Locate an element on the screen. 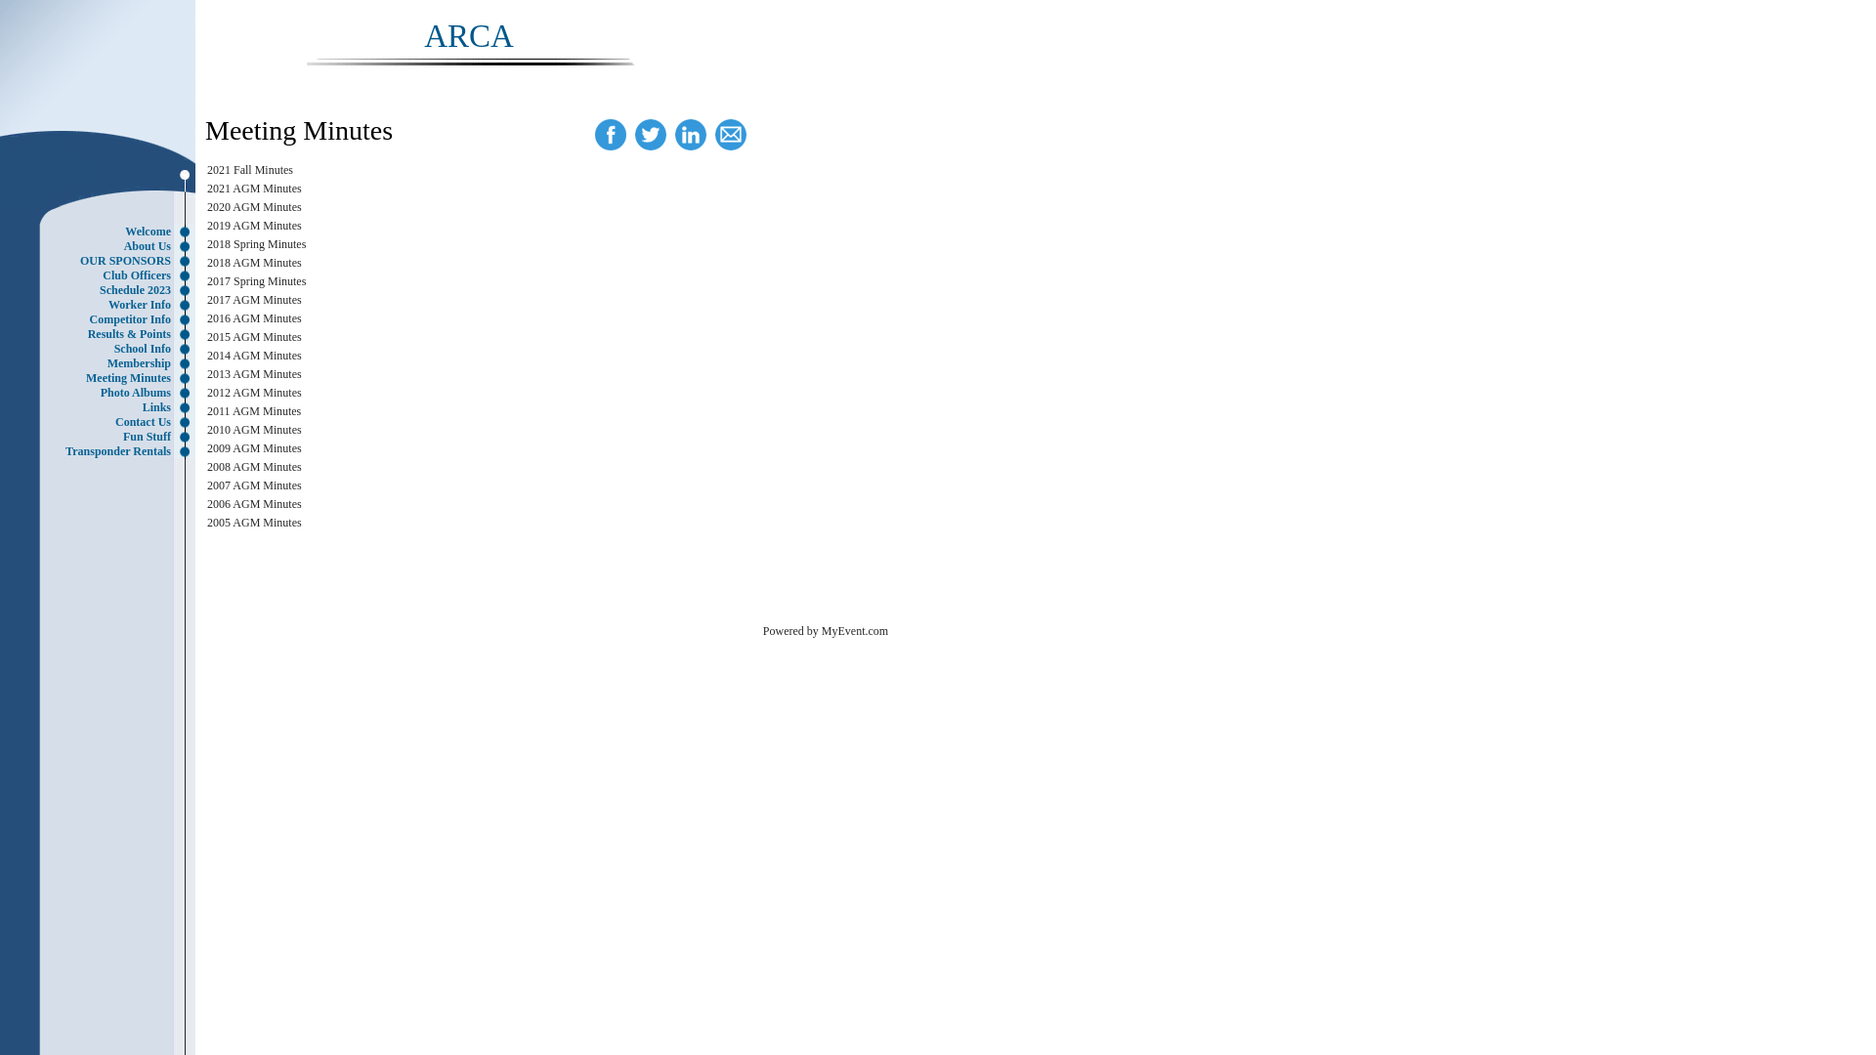 This screenshot has width=1876, height=1055. '2014 AGM Minutes' is located at coordinates (206, 355).